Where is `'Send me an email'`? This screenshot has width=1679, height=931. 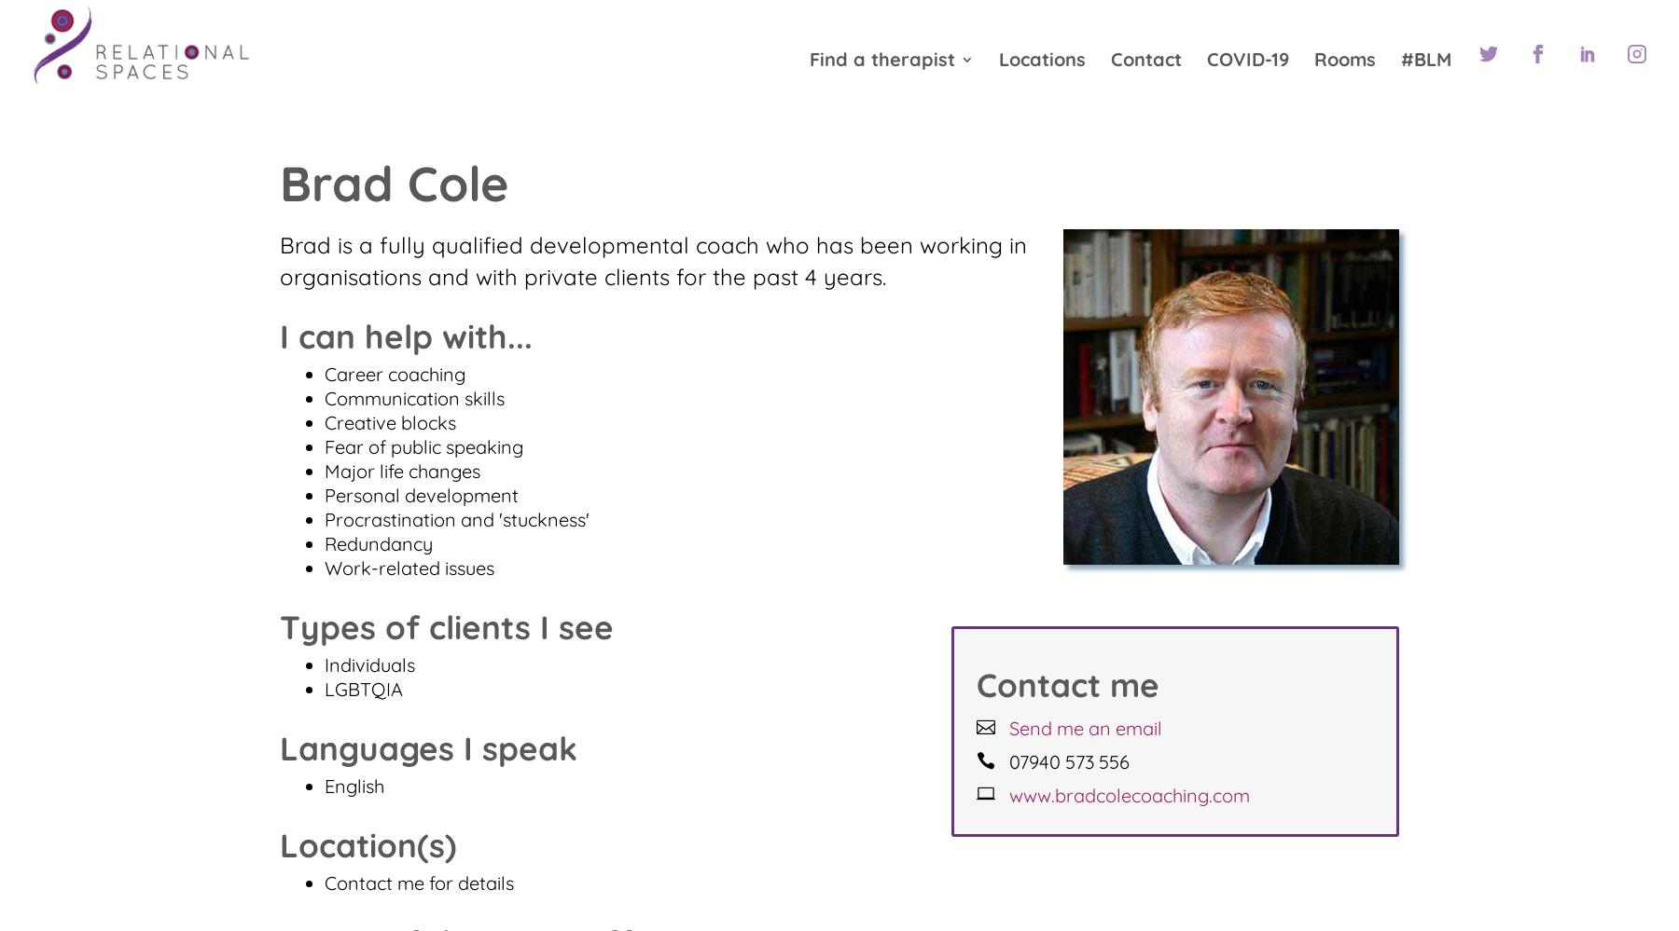
'Send me an email' is located at coordinates (1085, 727).